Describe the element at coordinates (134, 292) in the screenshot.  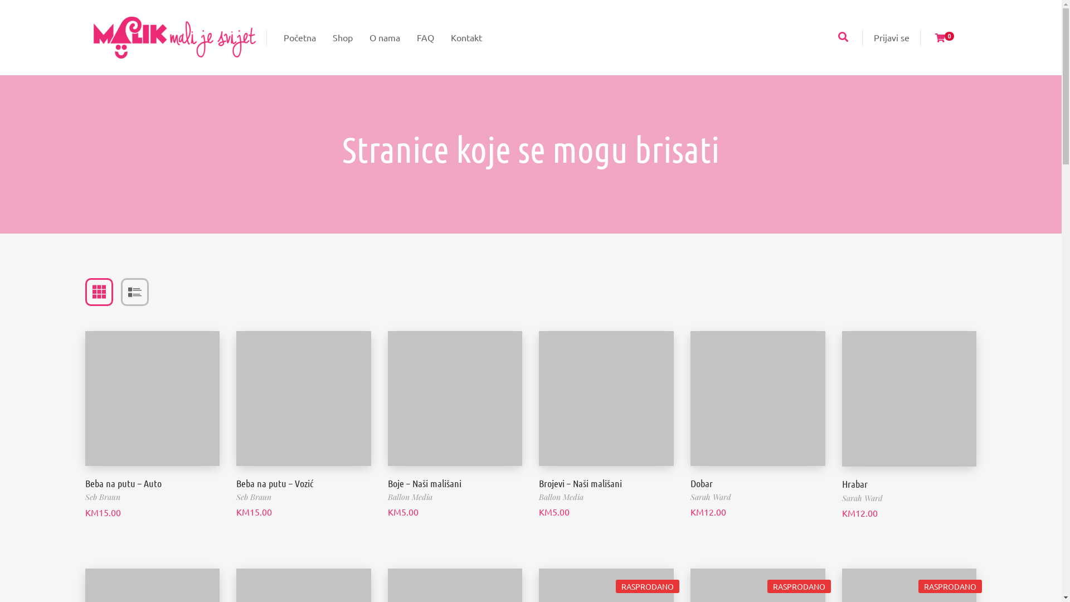
I see `'List Layout'` at that location.